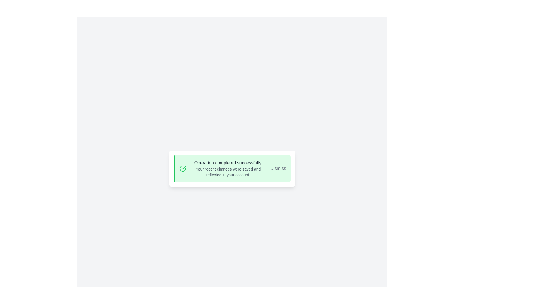 The height and width of the screenshot is (303, 539). Describe the element at coordinates (228, 172) in the screenshot. I see `the text label that reads 'Your recent changes were saved and reflected in your account.' located in a notification card, which is visually subordinate to the bold headline 'Operation completed successfully.'` at that location.